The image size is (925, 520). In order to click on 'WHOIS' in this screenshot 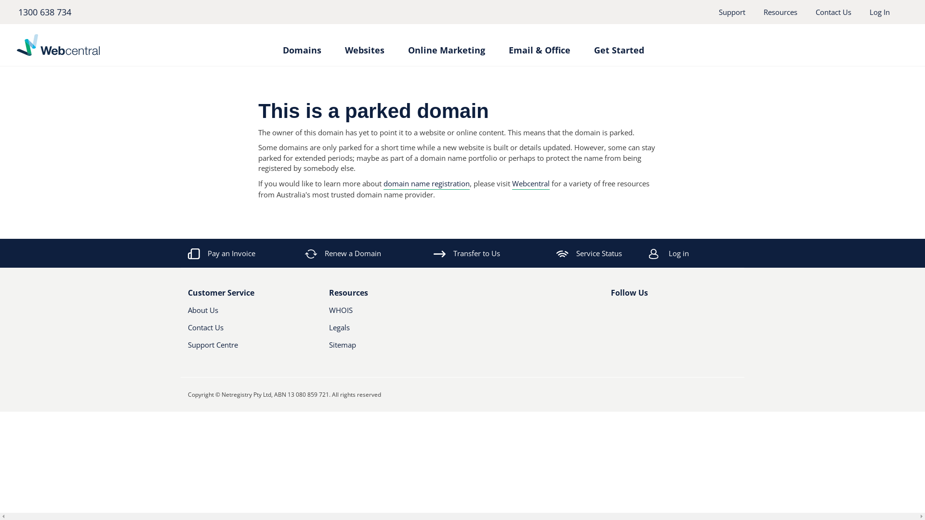, I will do `click(382, 313)`.